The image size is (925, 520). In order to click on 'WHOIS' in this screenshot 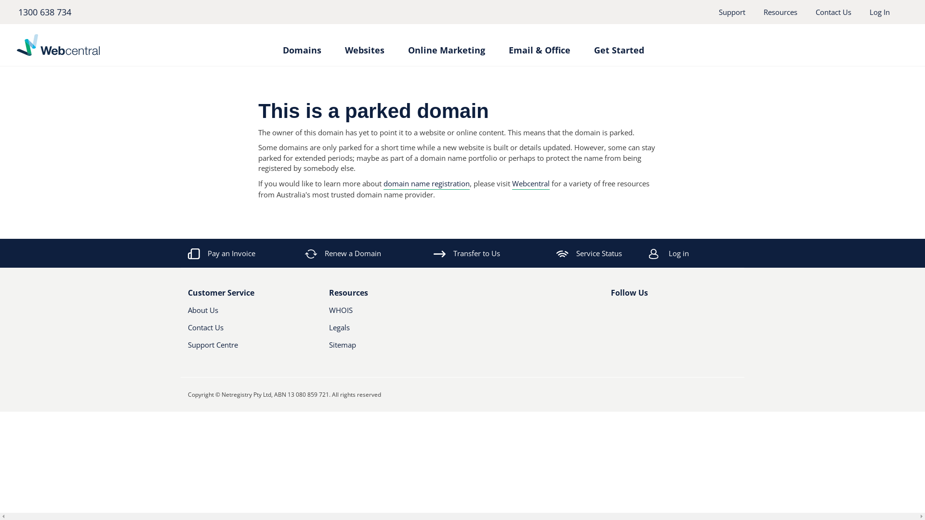, I will do `click(382, 313)`.